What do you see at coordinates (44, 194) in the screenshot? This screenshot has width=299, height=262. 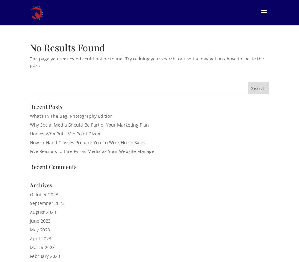 I see `'October 2023'` at bounding box center [44, 194].